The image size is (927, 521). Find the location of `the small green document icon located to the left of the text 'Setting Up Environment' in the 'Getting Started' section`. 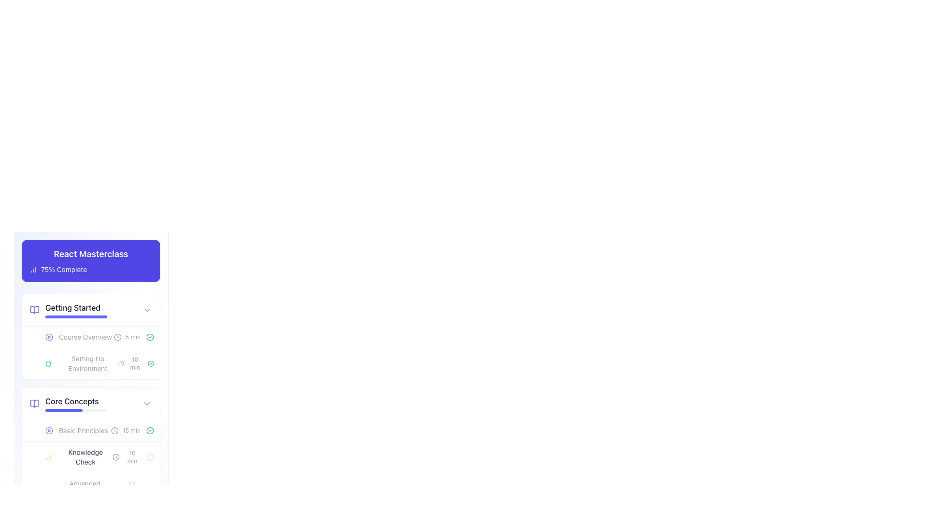

the small green document icon located to the left of the text 'Setting Up Environment' in the 'Getting Started' section is located at coordinates (48, 363).